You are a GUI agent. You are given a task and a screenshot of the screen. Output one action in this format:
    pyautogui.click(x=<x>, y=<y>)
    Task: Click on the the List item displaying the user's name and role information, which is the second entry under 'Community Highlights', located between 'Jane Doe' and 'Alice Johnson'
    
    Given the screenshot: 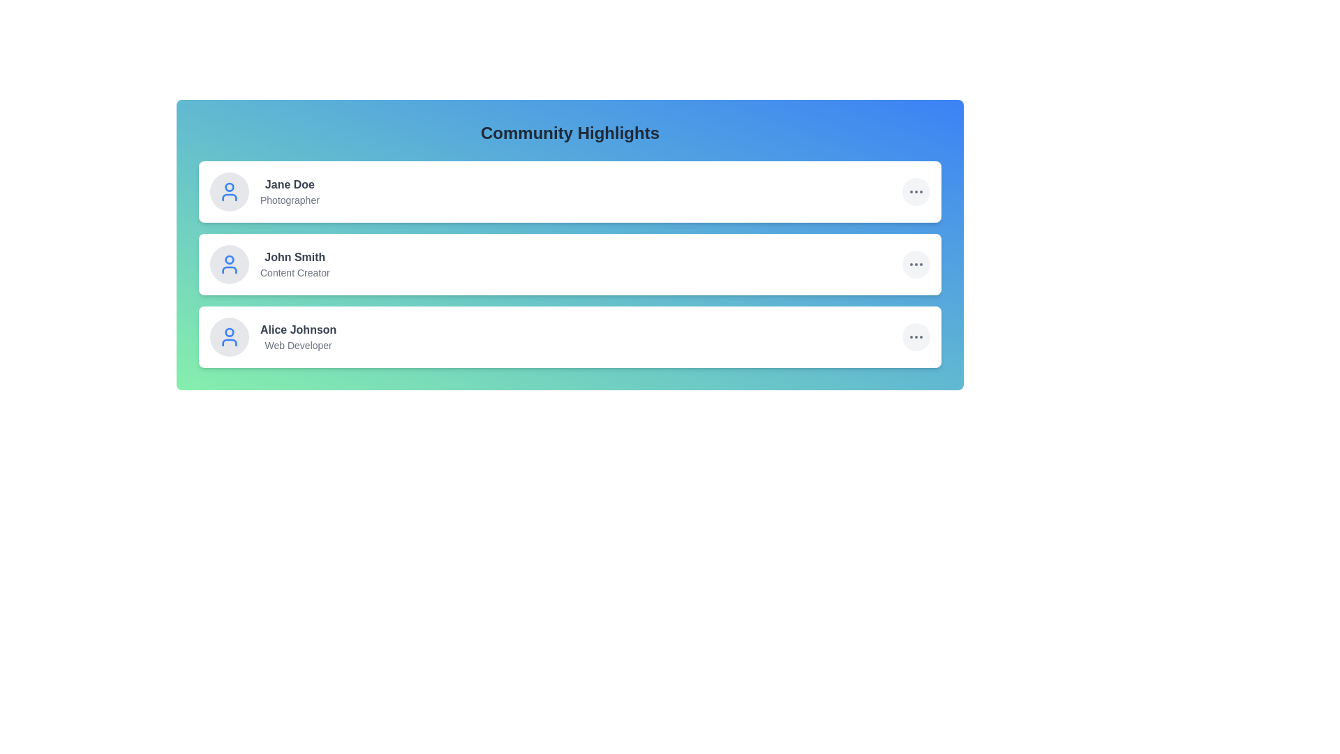 What is the action you would take?
    pyautogui.click(x=269, y=264)
    